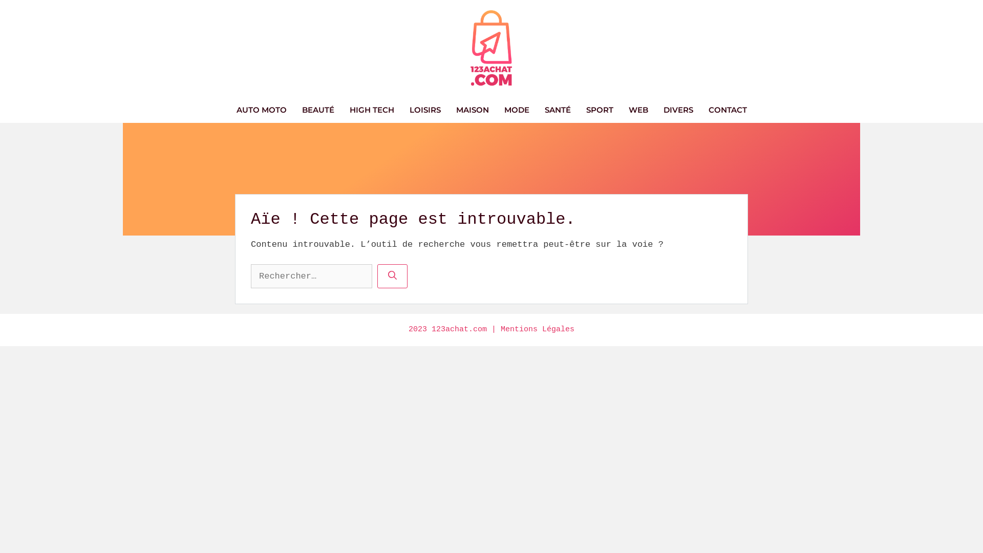 The height and width of the screenshot is (553, 983). Describe the element at coordinates (341, 110) in the screenshot. I see `'HIGH TECH'` at that location.